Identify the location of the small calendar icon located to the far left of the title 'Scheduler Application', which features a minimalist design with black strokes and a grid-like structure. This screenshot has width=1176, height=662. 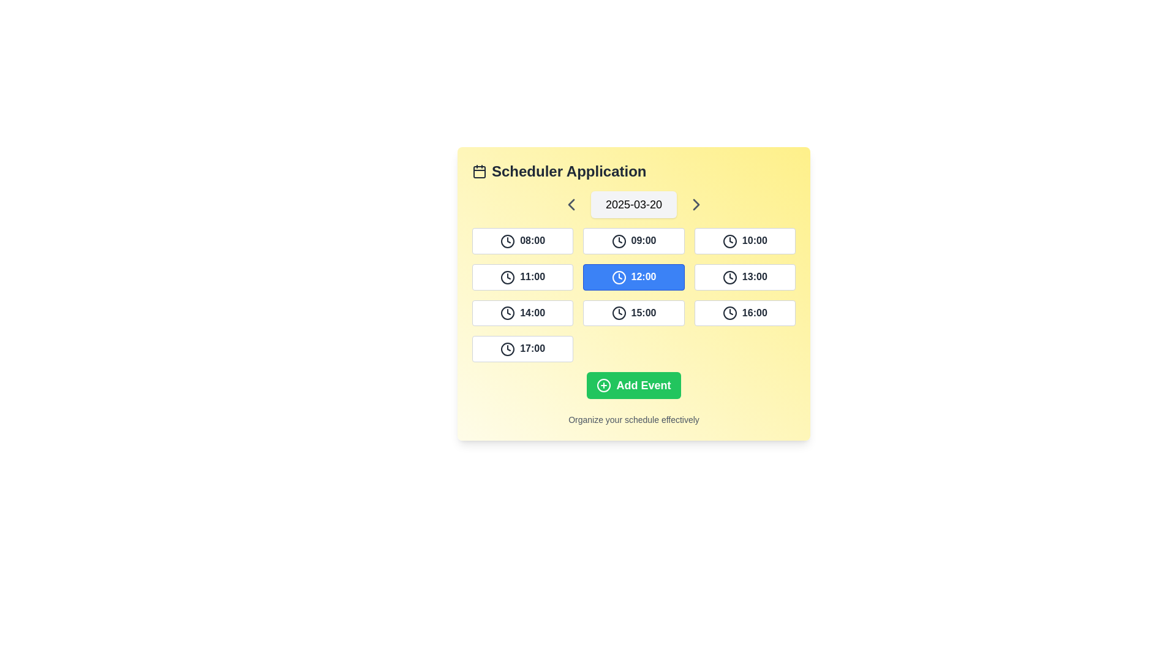
(478, 172).